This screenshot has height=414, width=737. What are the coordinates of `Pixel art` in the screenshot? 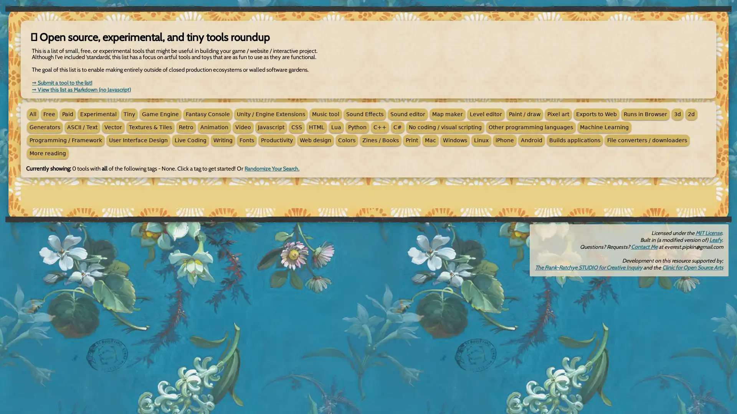 It's located at (558, 114).